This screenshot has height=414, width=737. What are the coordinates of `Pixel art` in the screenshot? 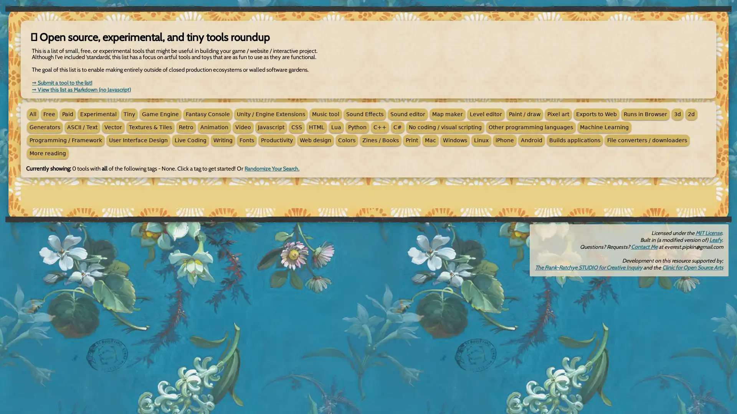 It's located at (558, 114).